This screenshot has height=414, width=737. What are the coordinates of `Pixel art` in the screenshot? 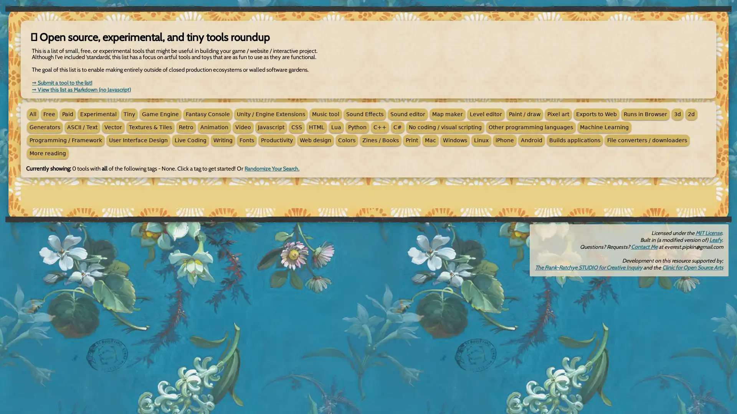 It's located at (558, 114).